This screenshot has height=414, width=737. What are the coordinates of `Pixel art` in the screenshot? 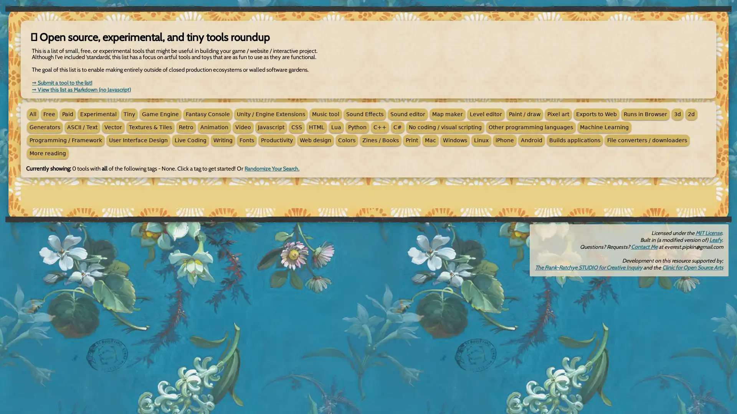 It's located at (558, 114).